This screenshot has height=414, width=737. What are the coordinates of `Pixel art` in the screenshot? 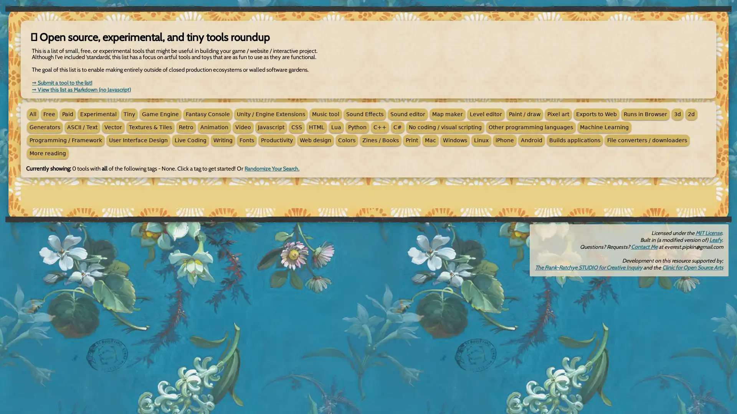 It's located at (558, 114).